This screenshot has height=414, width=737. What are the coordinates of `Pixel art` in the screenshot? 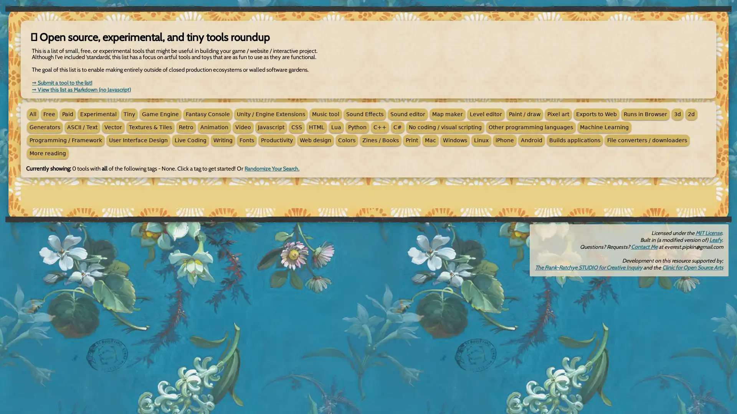 It's located at (558, 114).